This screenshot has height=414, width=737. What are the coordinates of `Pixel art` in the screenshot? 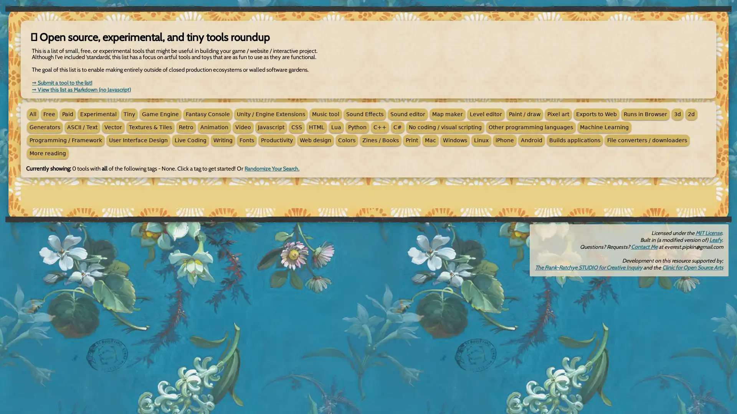 It's located at (558, 114).